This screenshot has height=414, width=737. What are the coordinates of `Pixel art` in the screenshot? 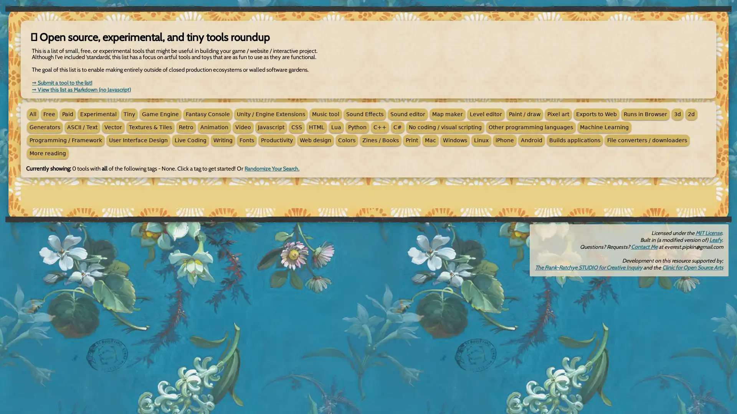 It's located at (558, 114).